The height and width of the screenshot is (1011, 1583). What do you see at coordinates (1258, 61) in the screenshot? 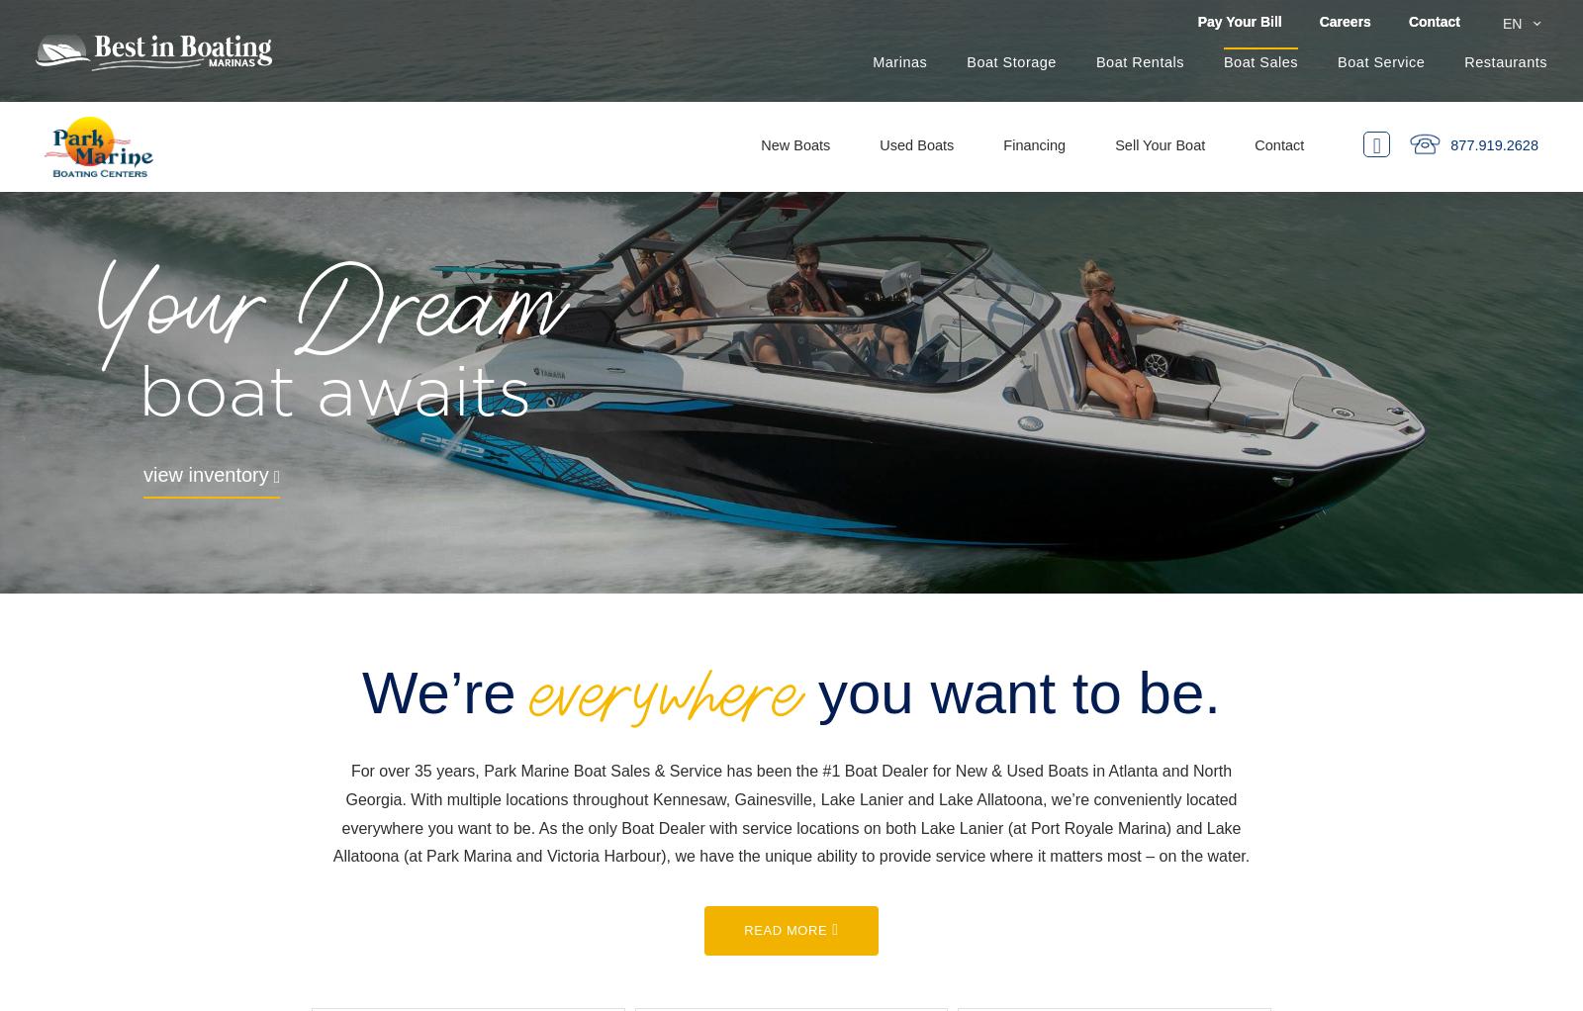
I see `'Boat Sales'` at bounding box center [1258, 61].